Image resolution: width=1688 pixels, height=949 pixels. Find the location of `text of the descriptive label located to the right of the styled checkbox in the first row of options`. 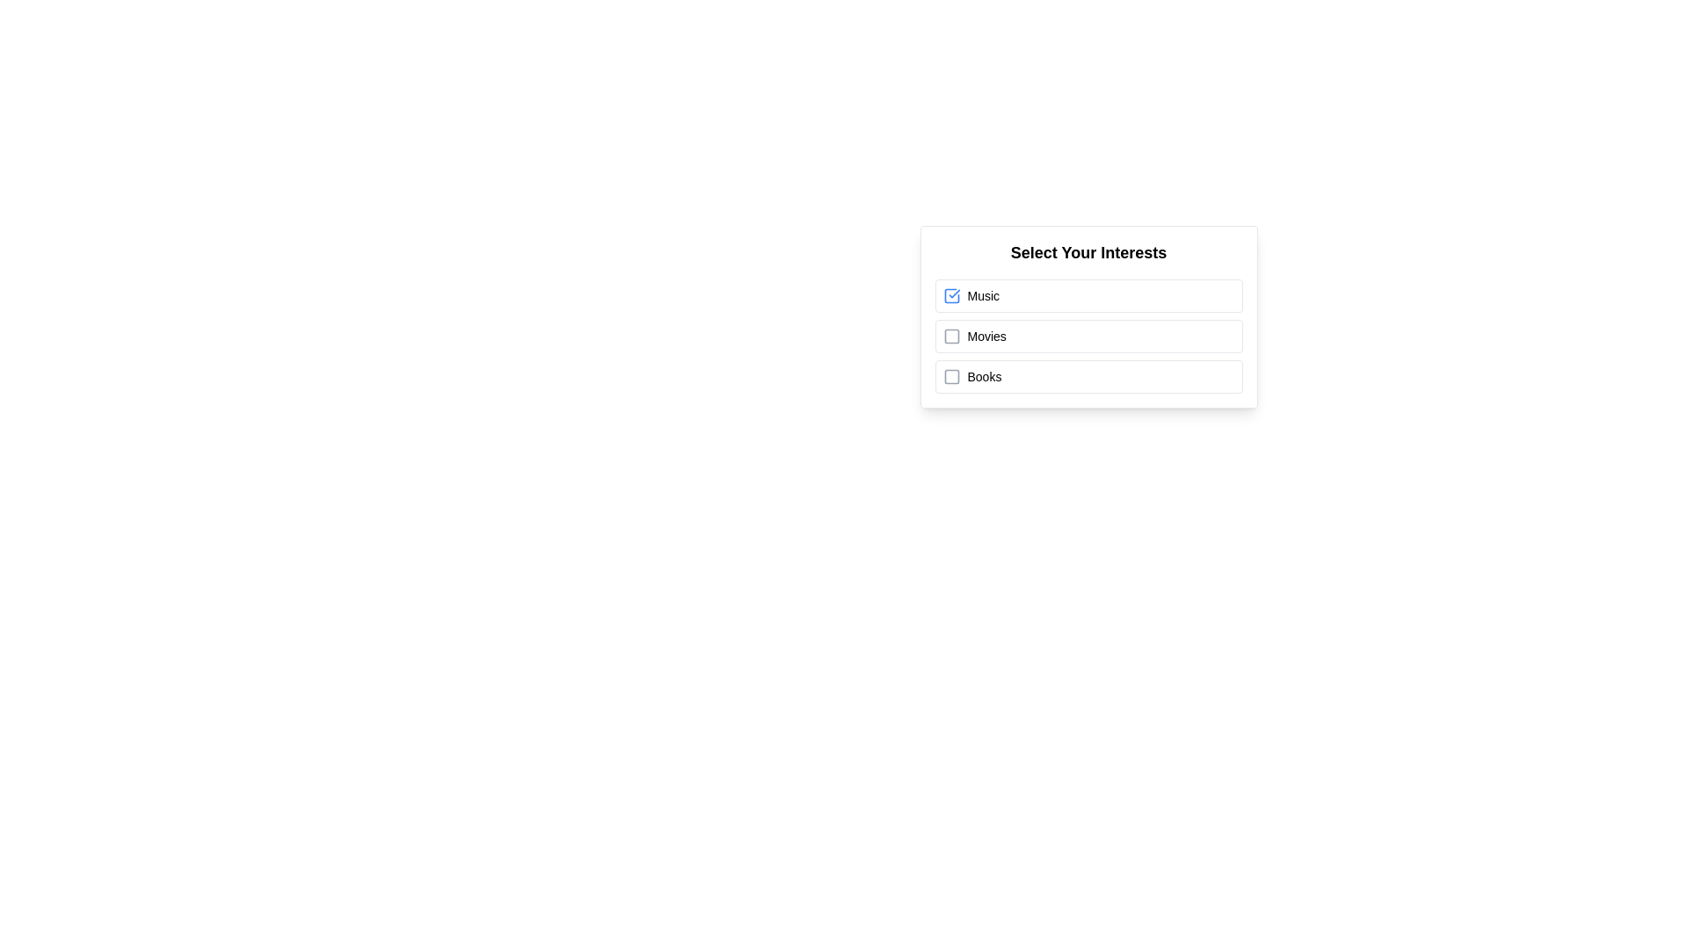

text of the descriptive label located to the right of the styled checkbox in the first row of options is located at coordinates (982, 294).